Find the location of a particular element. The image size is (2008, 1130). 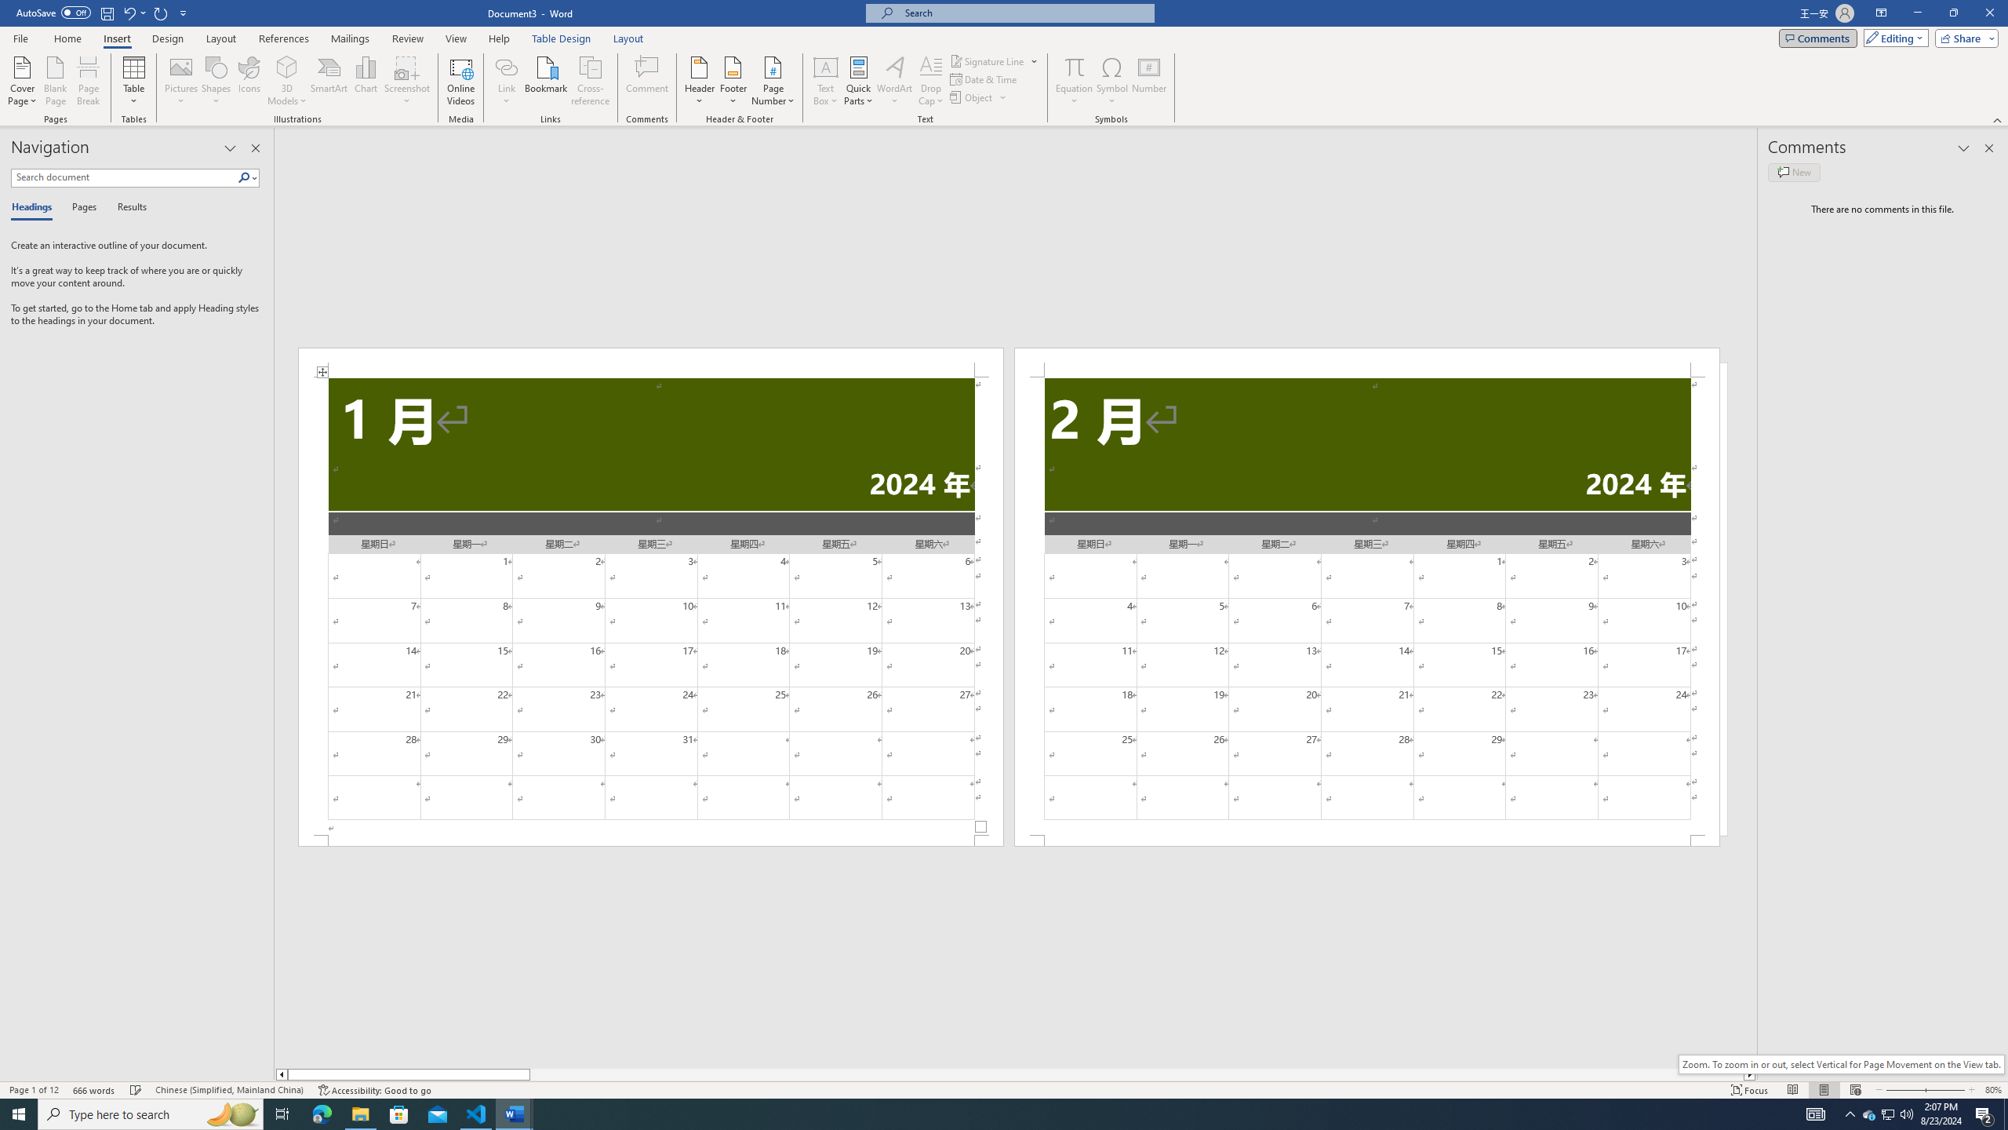

'Number...' is located at coordinates (1148, 81).